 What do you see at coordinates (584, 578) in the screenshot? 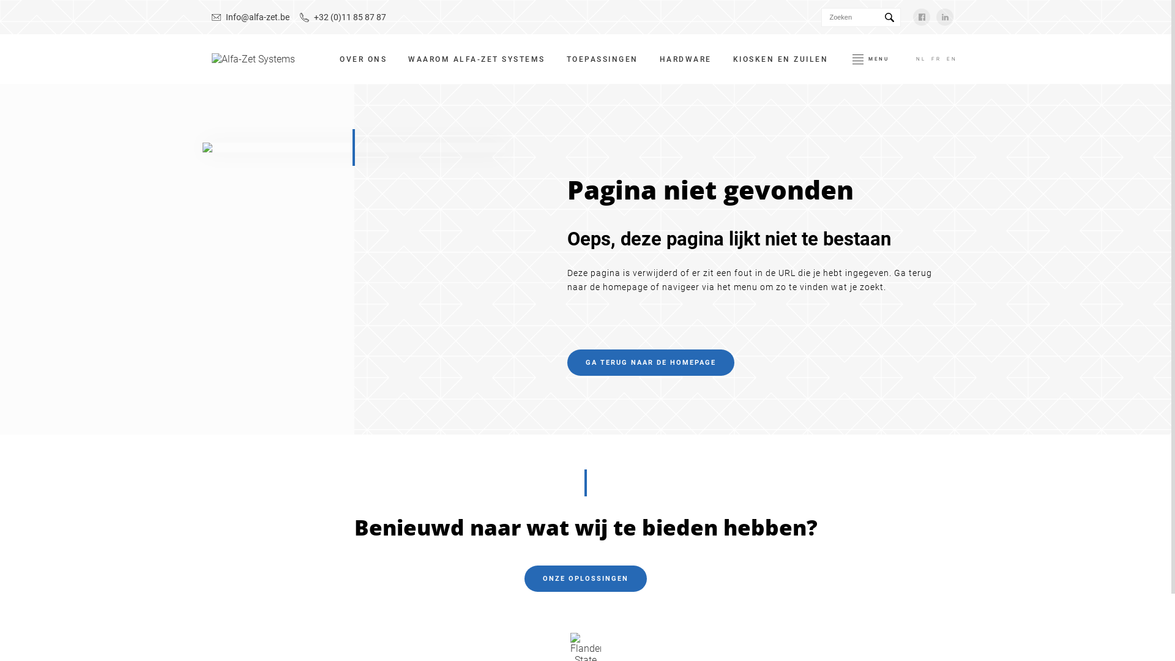
I see `'ONZE OPLOSSINGEN'` at bounding box center [584, 578].